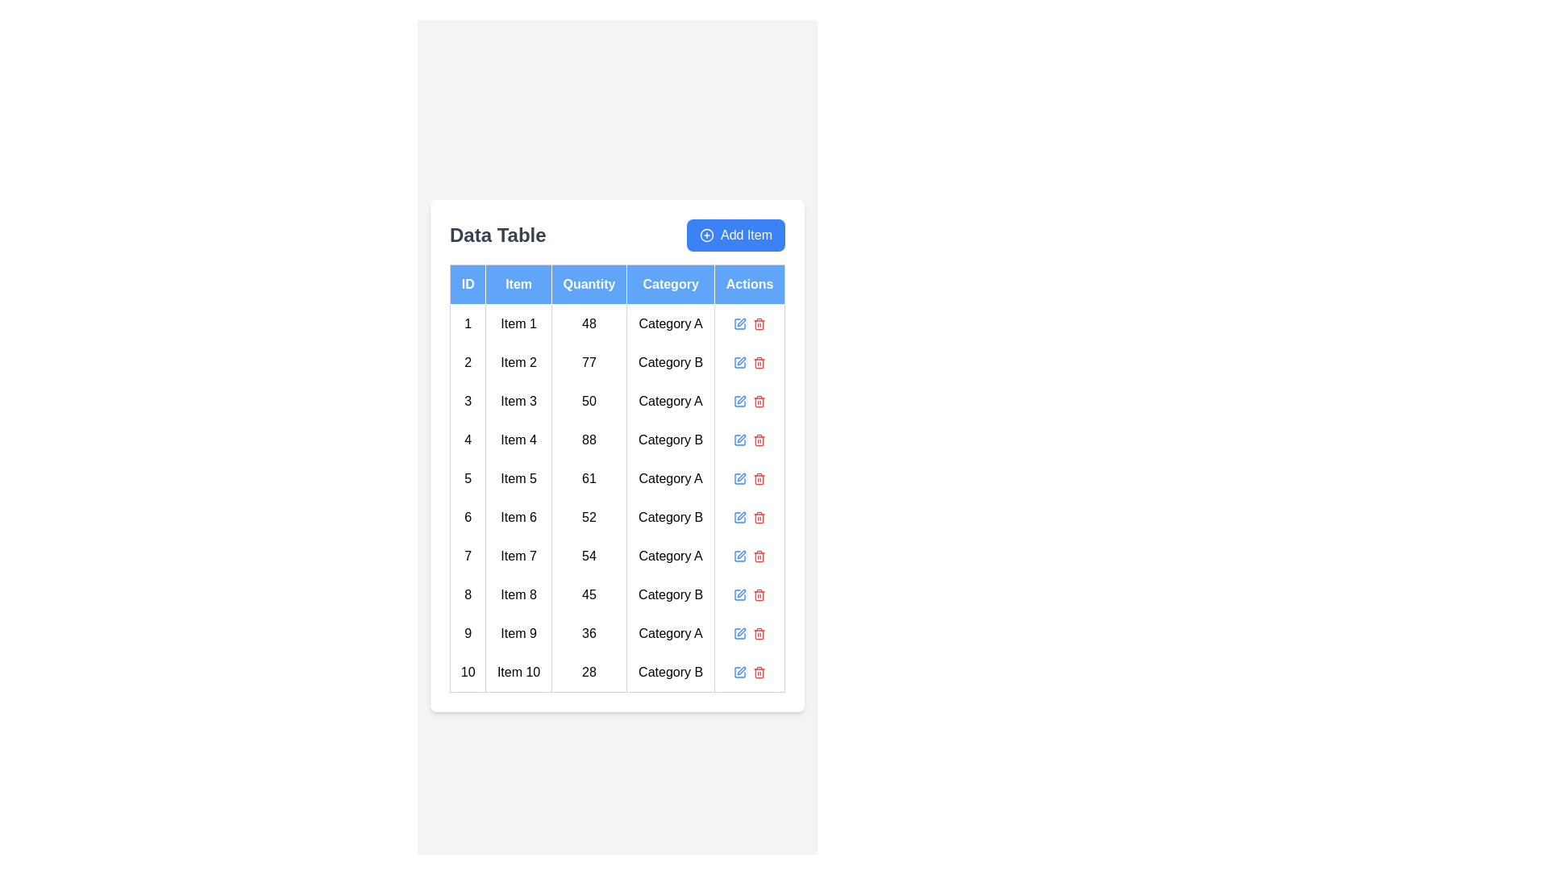 Image resolution: width=1548 pixels, height=871 pixels. What do you see at coordinates (467, 594) in the screenshot?
I see `the text '8' in the first column of the data table, located in the eighth row under the 'ID' column` at bounding box center [467, 594].